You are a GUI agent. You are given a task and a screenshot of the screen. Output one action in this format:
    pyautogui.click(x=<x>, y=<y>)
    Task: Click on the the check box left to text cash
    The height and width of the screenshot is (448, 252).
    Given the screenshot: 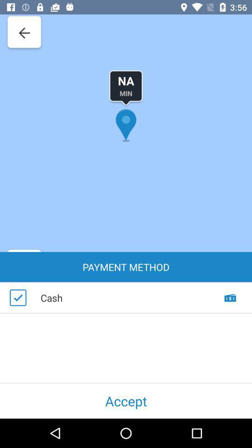 What is the action you would take?
    pyautogui.click(x=18, y=297)
    